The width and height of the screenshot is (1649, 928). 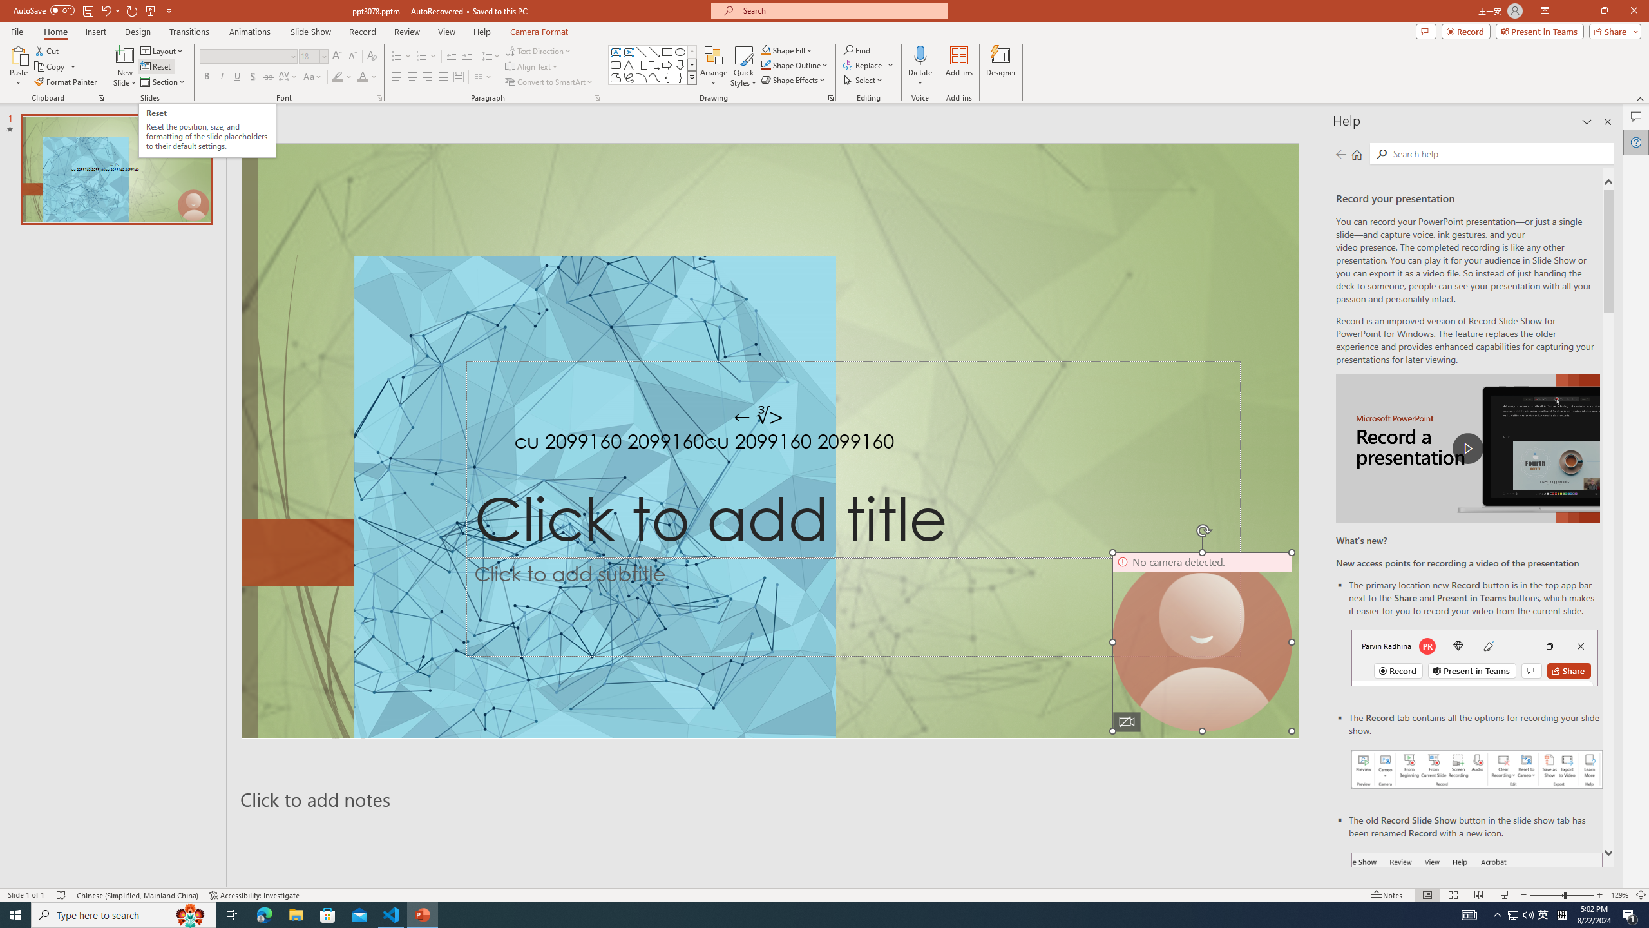 What do you see at coordinates (236, 76) in the screenshot?
I see `'Underline'` at bounding box center [236, 76].